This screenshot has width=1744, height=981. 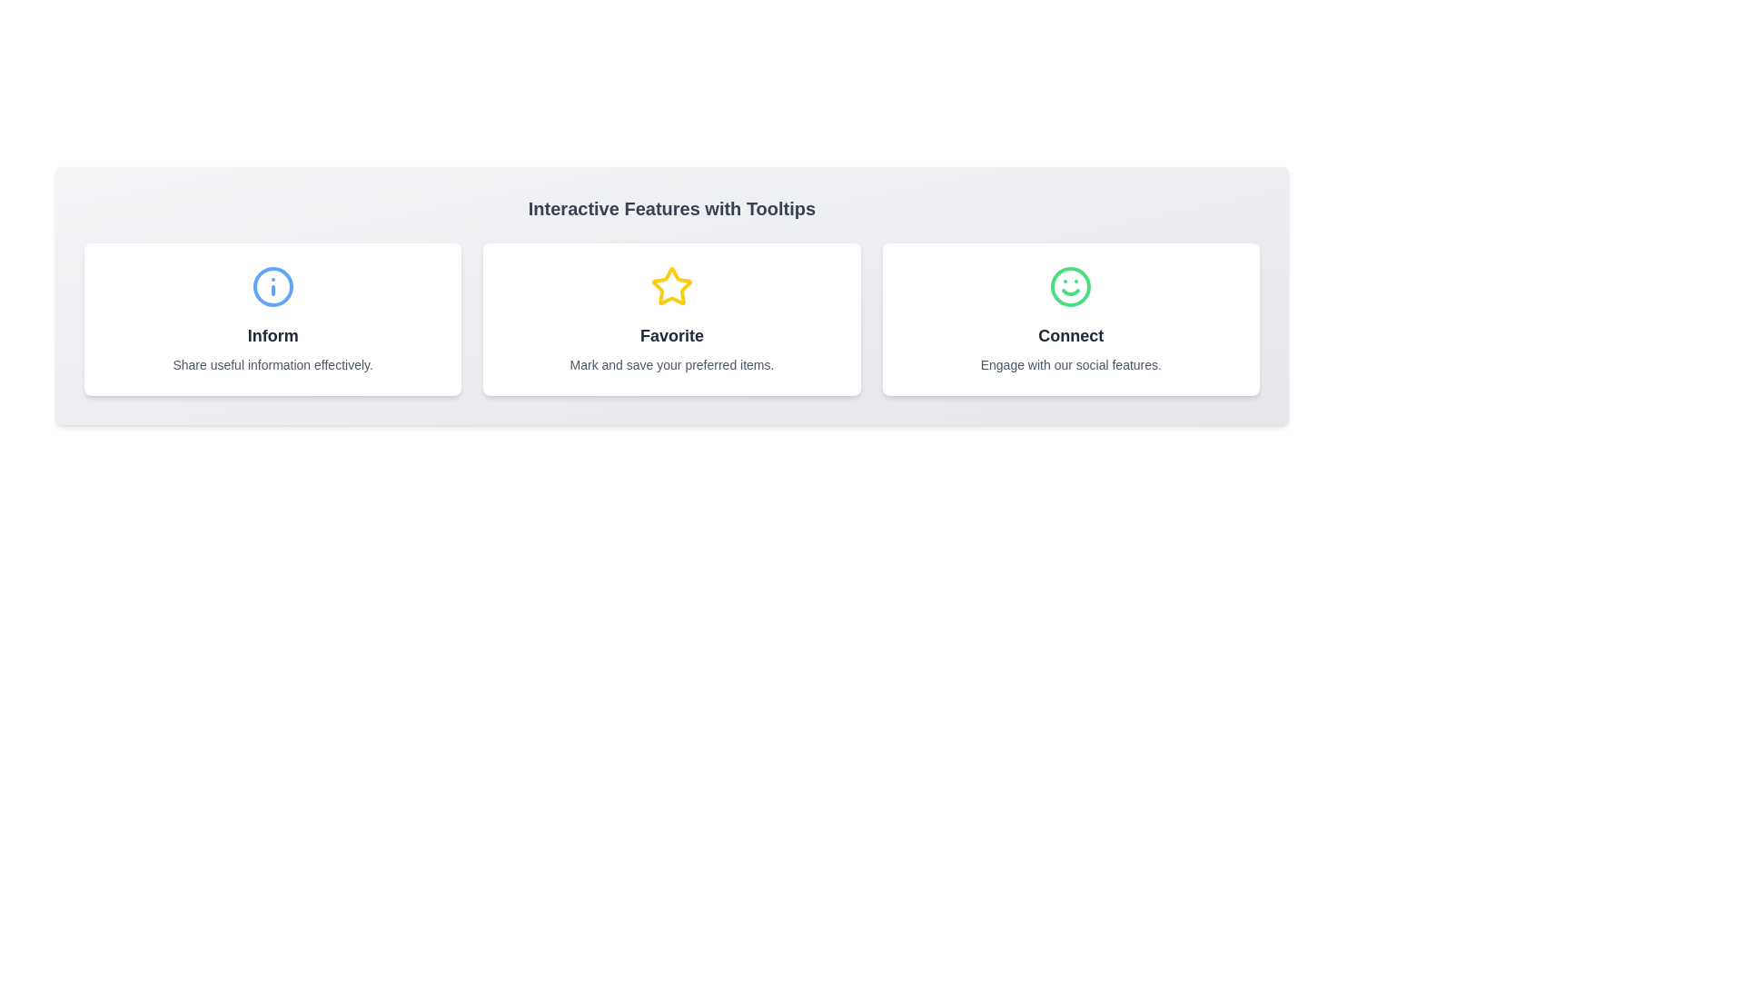 I want to click on the Graphical Icon within the 'Inform' section, located in the blue circle at the top of the card, so click(x=272, y=286).